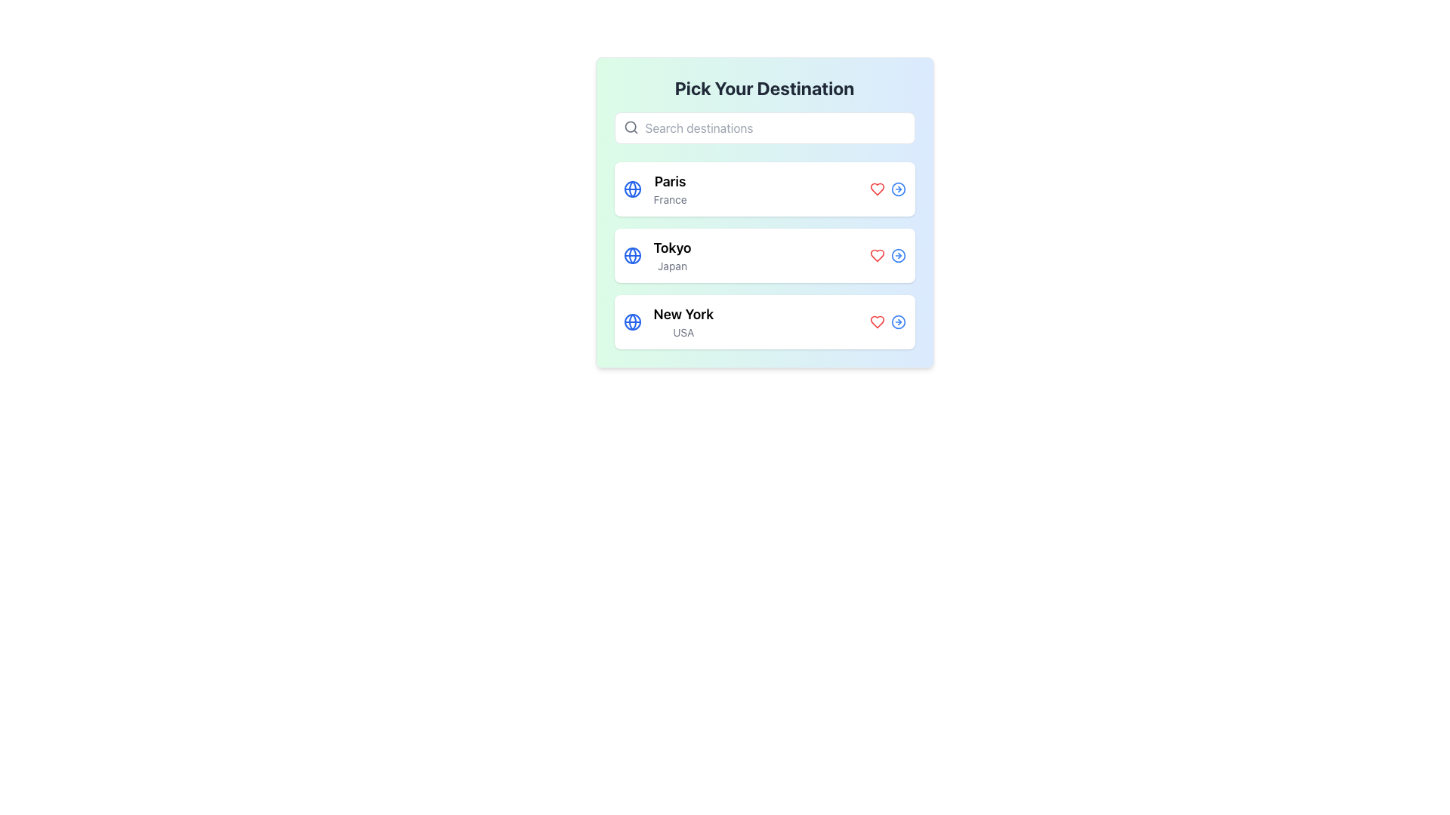 This screenshot has width=1450, height=815. Describe the element at coordinates (671, 255) in the screenshot. I see `text information displayed in the label for the city Tokyo, located in the middle of the vertical list of destinations, below the header 'Pick Your Destination'` at that location.